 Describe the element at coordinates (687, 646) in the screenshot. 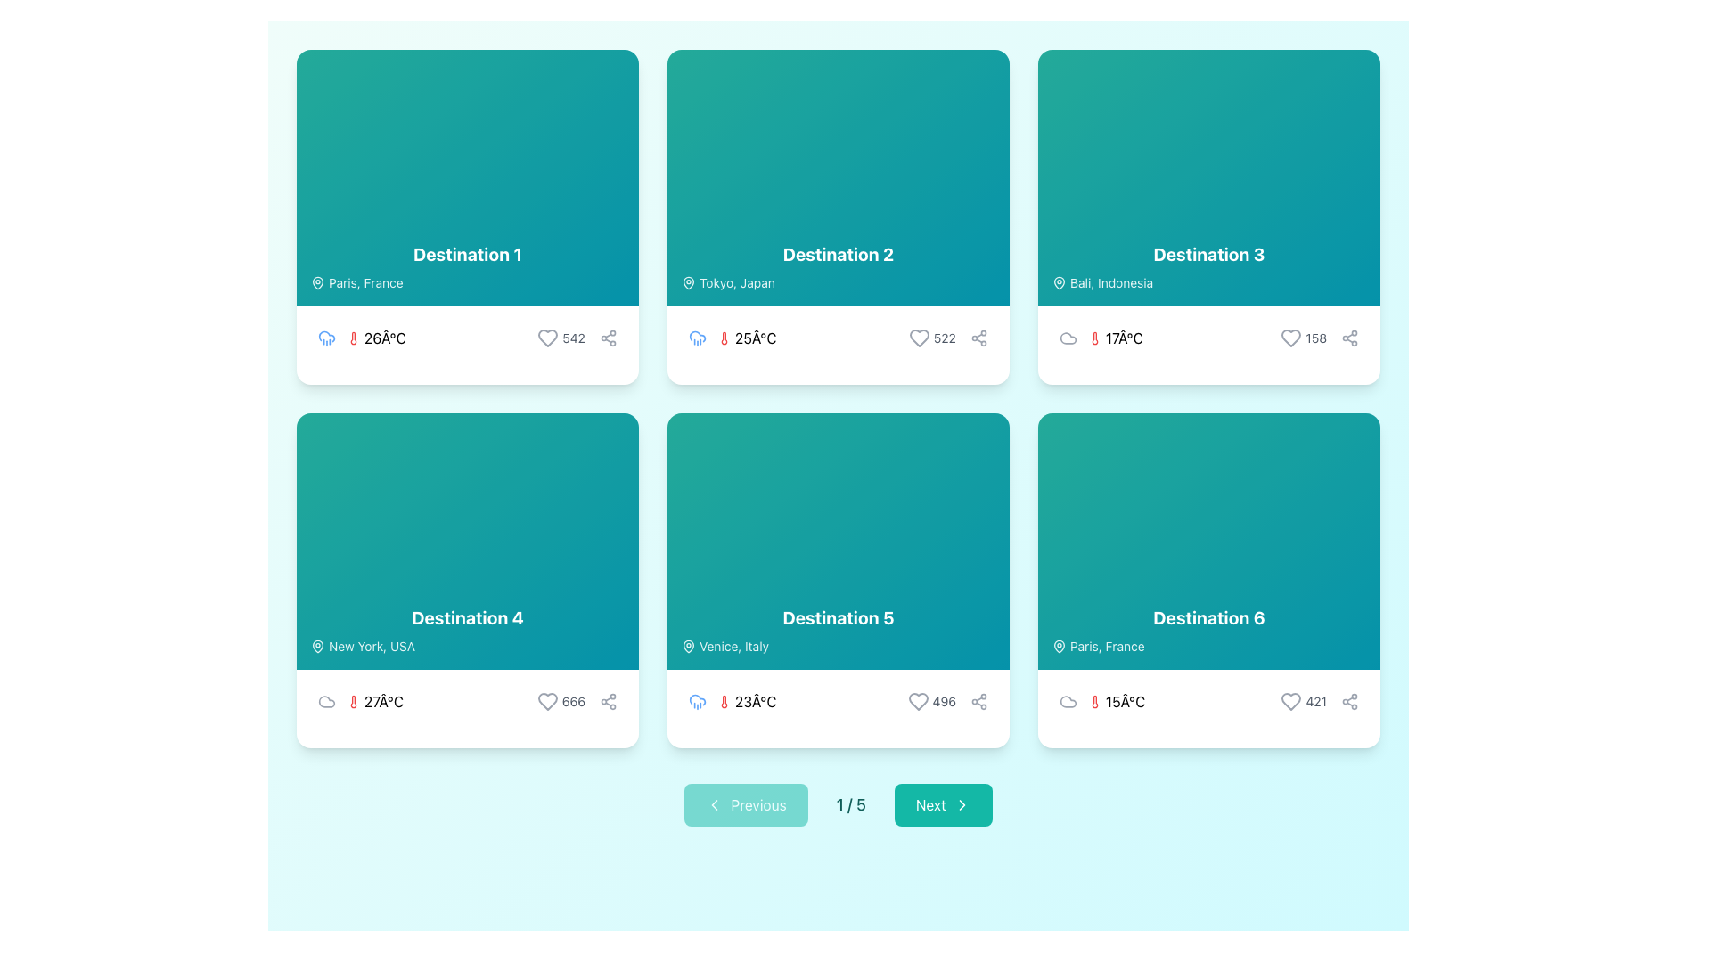

I see `the map pin icon located in the 'Destination 5' card displaying information about Venice, Italy, situated towards the center of the interface, near the text 'Venice, Italy'` at that location.